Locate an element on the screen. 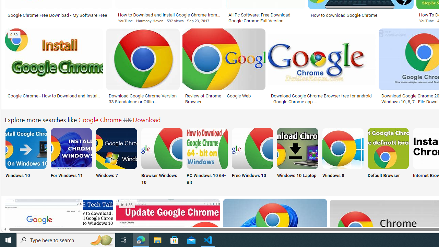  'Google Chrome Download Free Windows 10' is located at coordinates (252, 148).